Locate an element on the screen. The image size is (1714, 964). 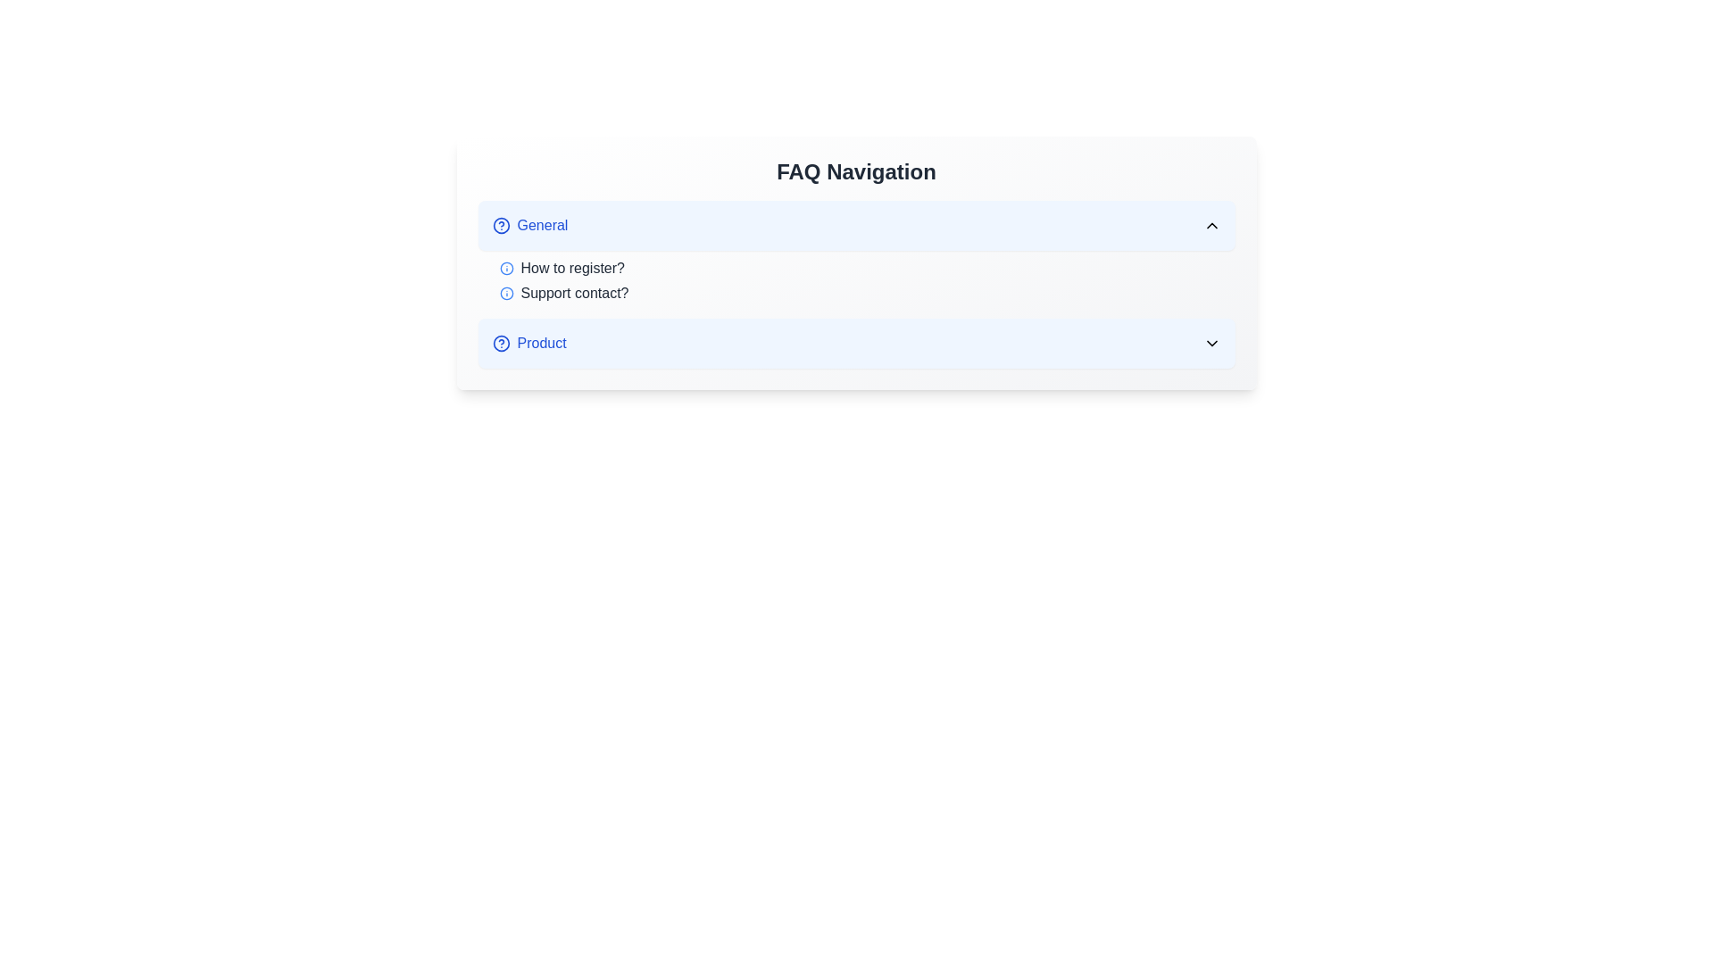
the SVG Circle that represents the 'General' section of the FAQ navigation, which is the outermost circle in the icon for 'General' is located at coordinates (500, 225).